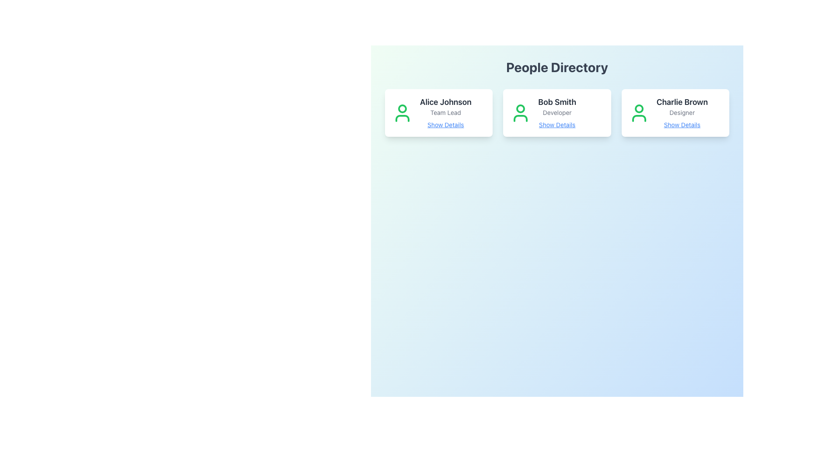  What do you see at coordinates (445, 102) in the screenshot?
I see `the text label displaying 'Alice Johnson', which is styled in bold with a dark color and located at the top of the first user card in the 'People Directory' section` at bounding box center [445, 102].